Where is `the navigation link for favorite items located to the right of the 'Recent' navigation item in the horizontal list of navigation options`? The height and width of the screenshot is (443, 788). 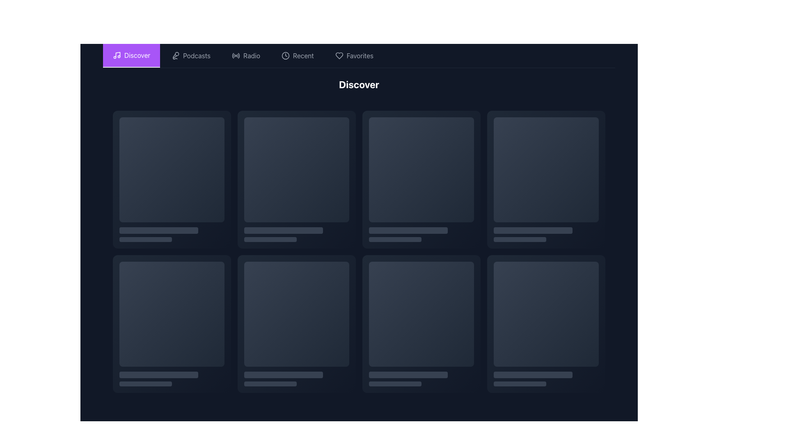 the navigation link for favorite items located to the right of the 'Recent' navigation item in the horizontal list of navigation options is located at coordinates (360, 55).